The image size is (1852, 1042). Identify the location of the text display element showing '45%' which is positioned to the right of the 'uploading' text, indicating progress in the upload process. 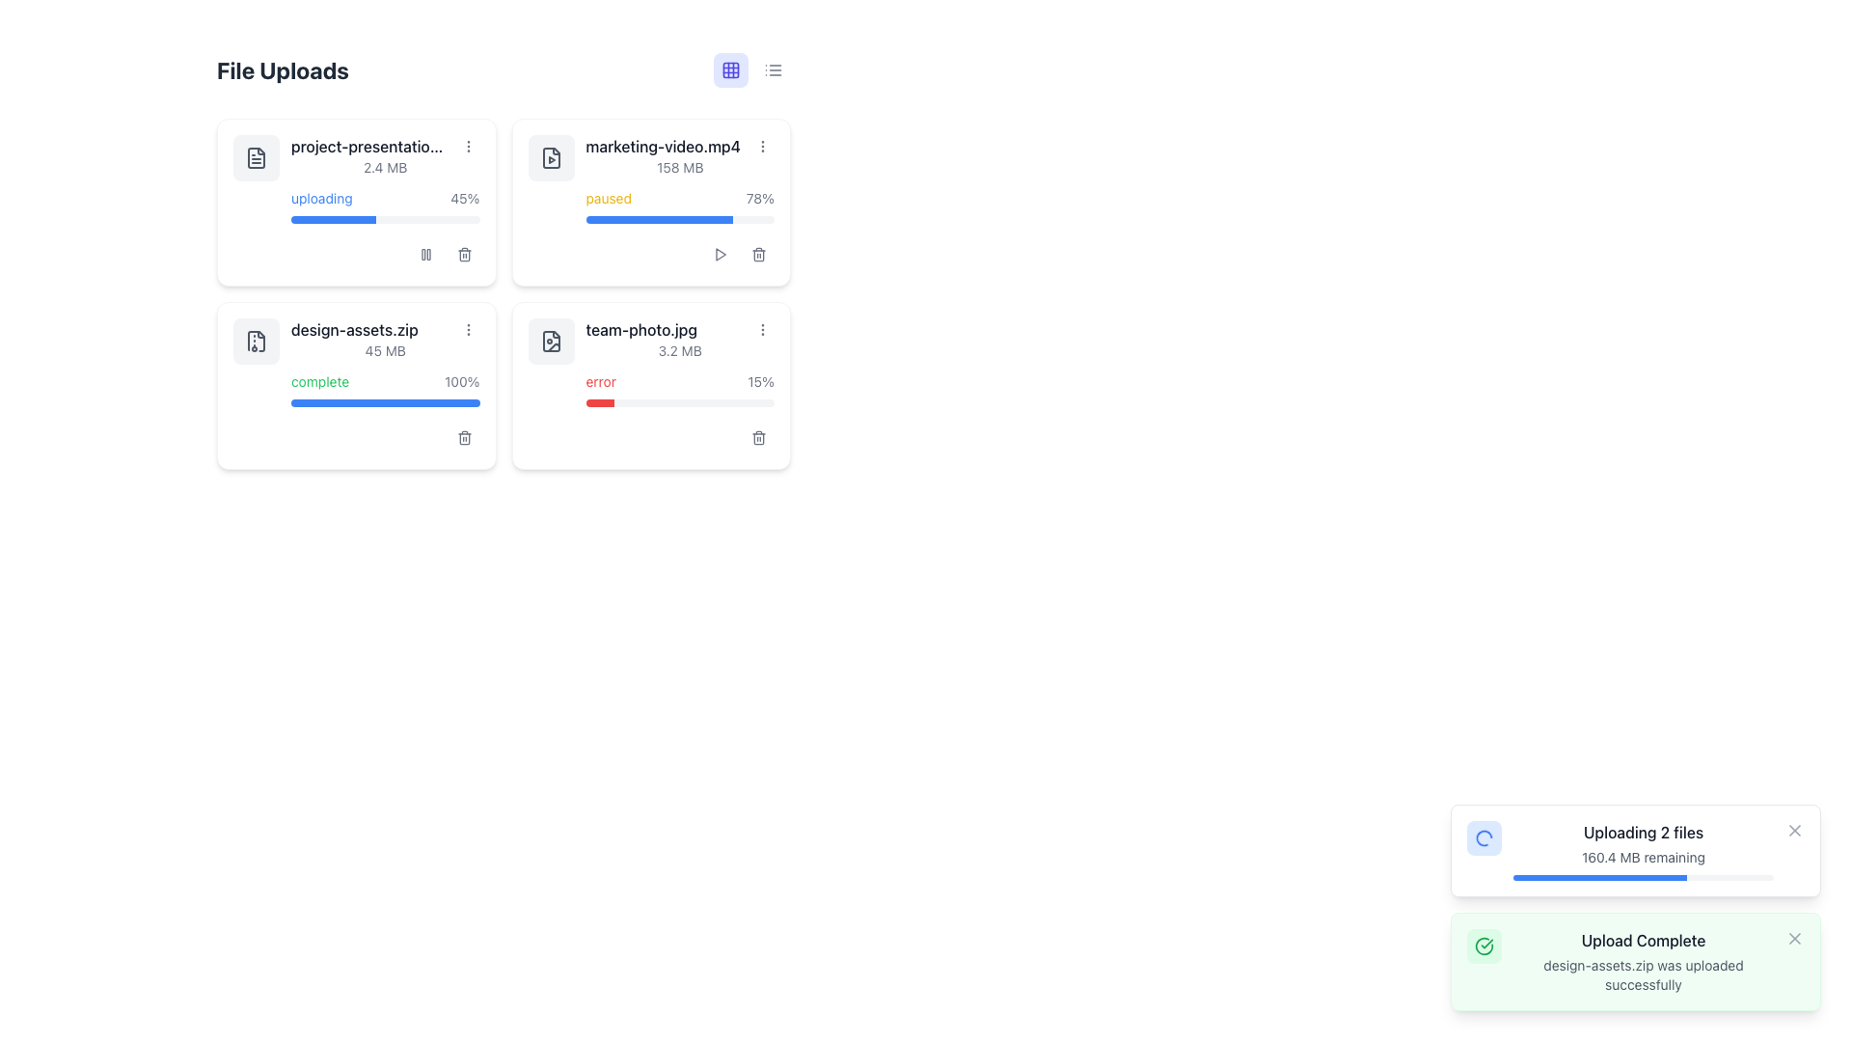
(465, 198).